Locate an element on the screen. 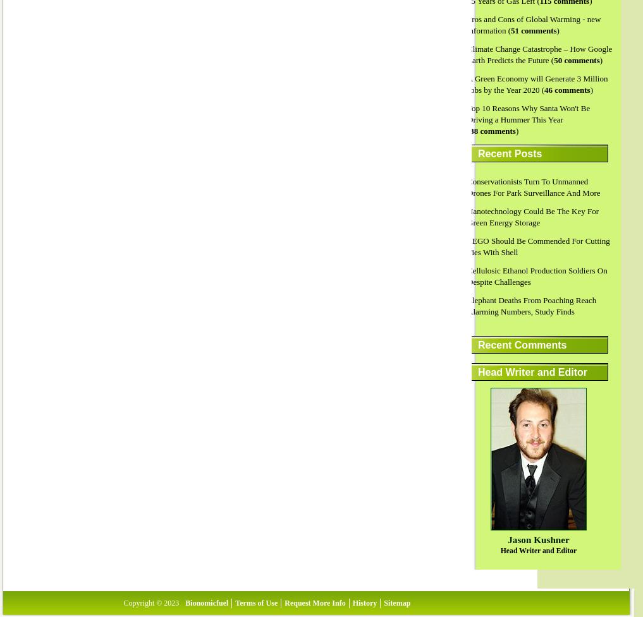 The height and width of the screenshot is (617, 643). 'A Green Economy will Generate 3 Million Jobs by the Year 2020 (' is located at coordinates (467, 84).